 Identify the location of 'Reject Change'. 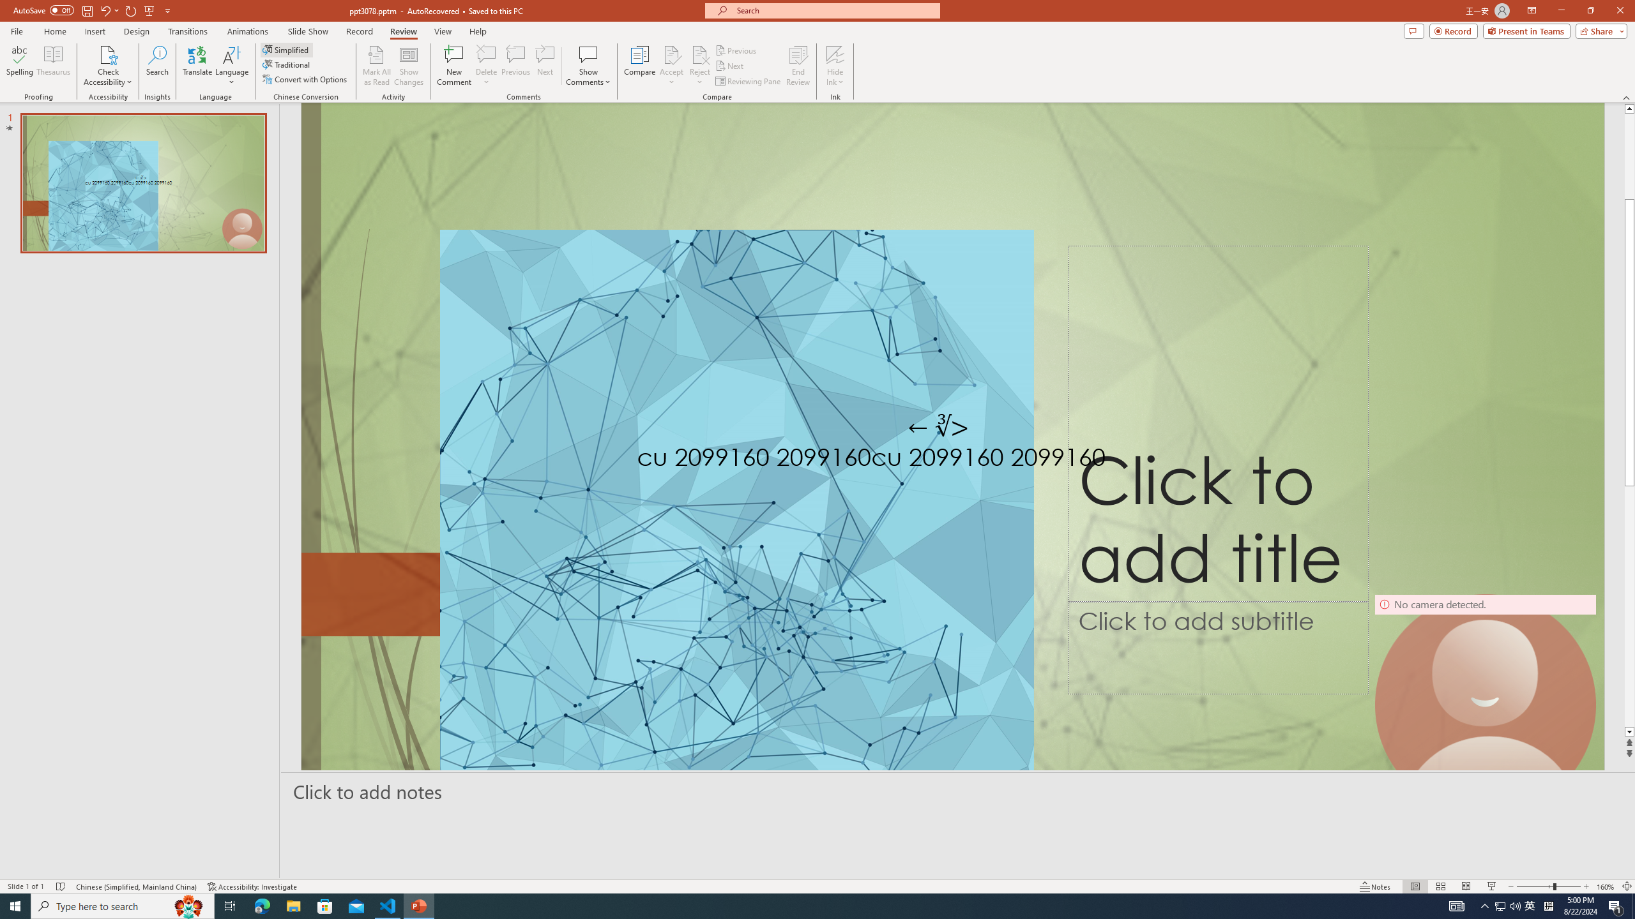
(699, 54).